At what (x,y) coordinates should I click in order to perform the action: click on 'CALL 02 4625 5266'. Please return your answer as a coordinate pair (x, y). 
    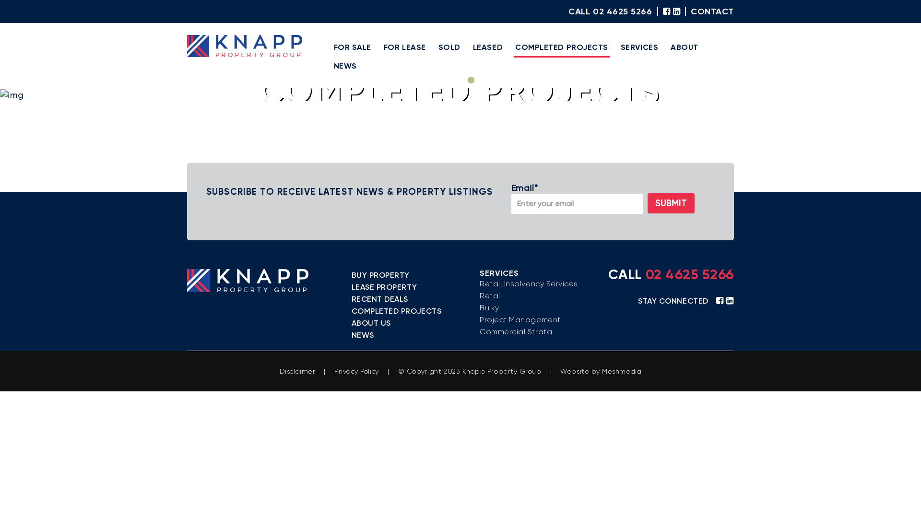
    Looking at the image, I should click on (568, 11).